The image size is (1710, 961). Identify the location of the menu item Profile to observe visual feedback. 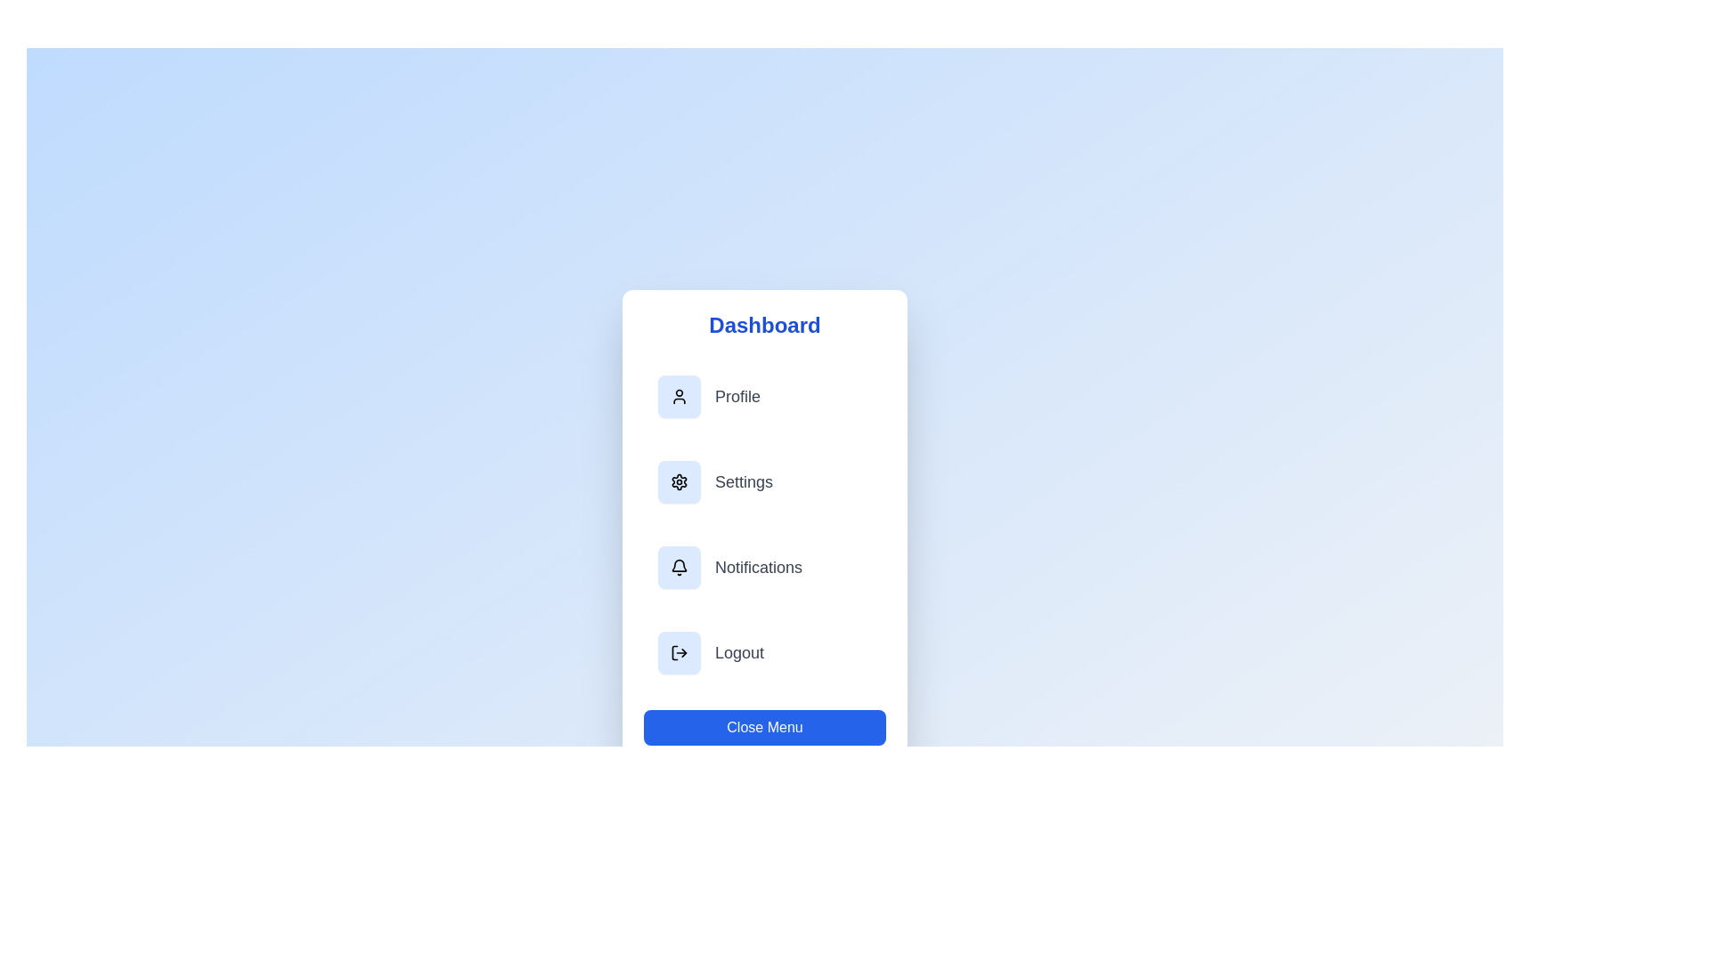
(765, 396).